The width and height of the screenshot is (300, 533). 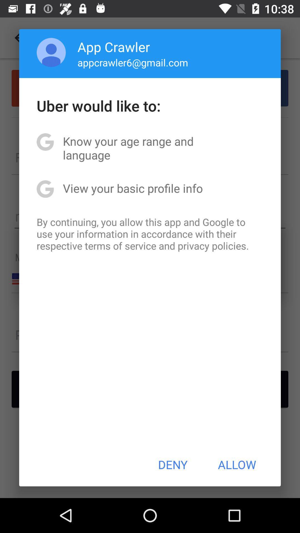 What do you see at coordinates (172, 464) in the screenshot?
I see `the deny button` at bounding box center [172, 464].